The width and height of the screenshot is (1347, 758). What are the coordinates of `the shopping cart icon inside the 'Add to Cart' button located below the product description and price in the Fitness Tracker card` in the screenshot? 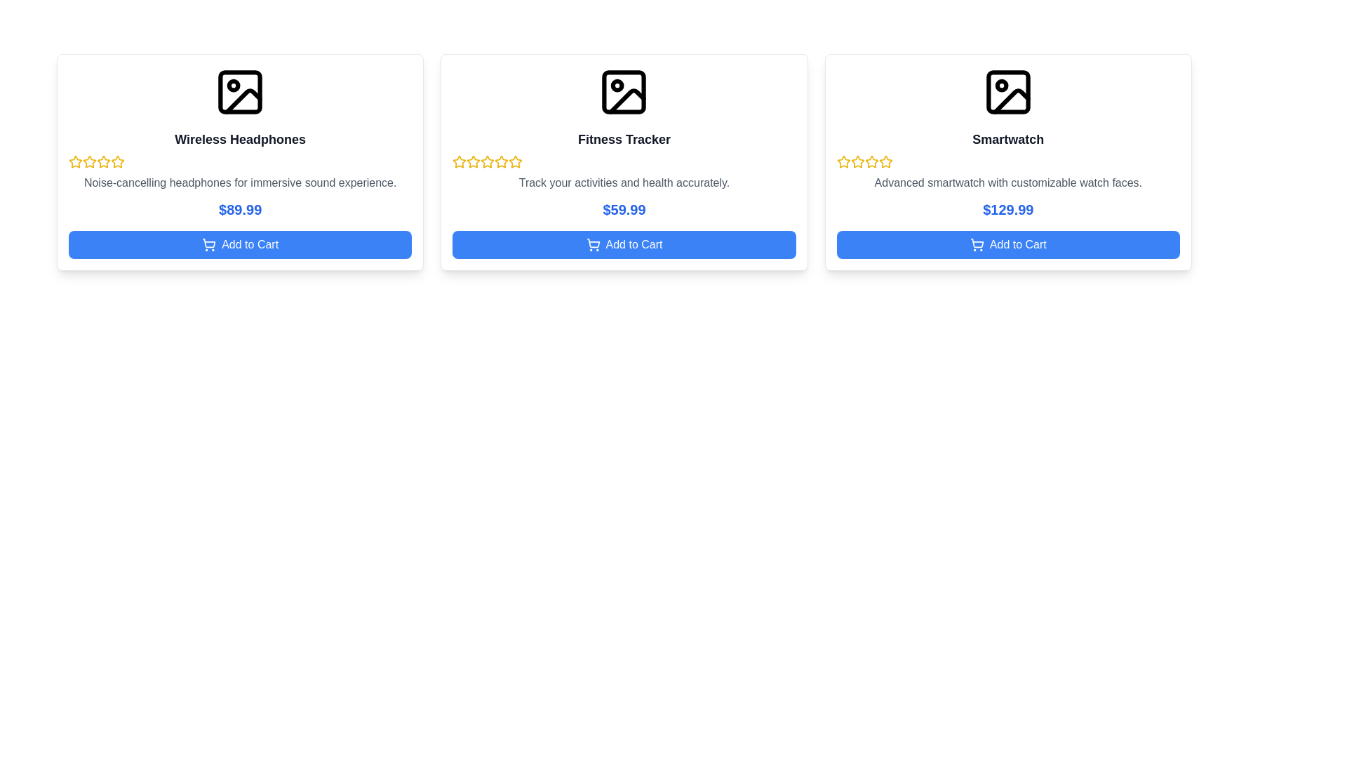 It's located at (593, 244).